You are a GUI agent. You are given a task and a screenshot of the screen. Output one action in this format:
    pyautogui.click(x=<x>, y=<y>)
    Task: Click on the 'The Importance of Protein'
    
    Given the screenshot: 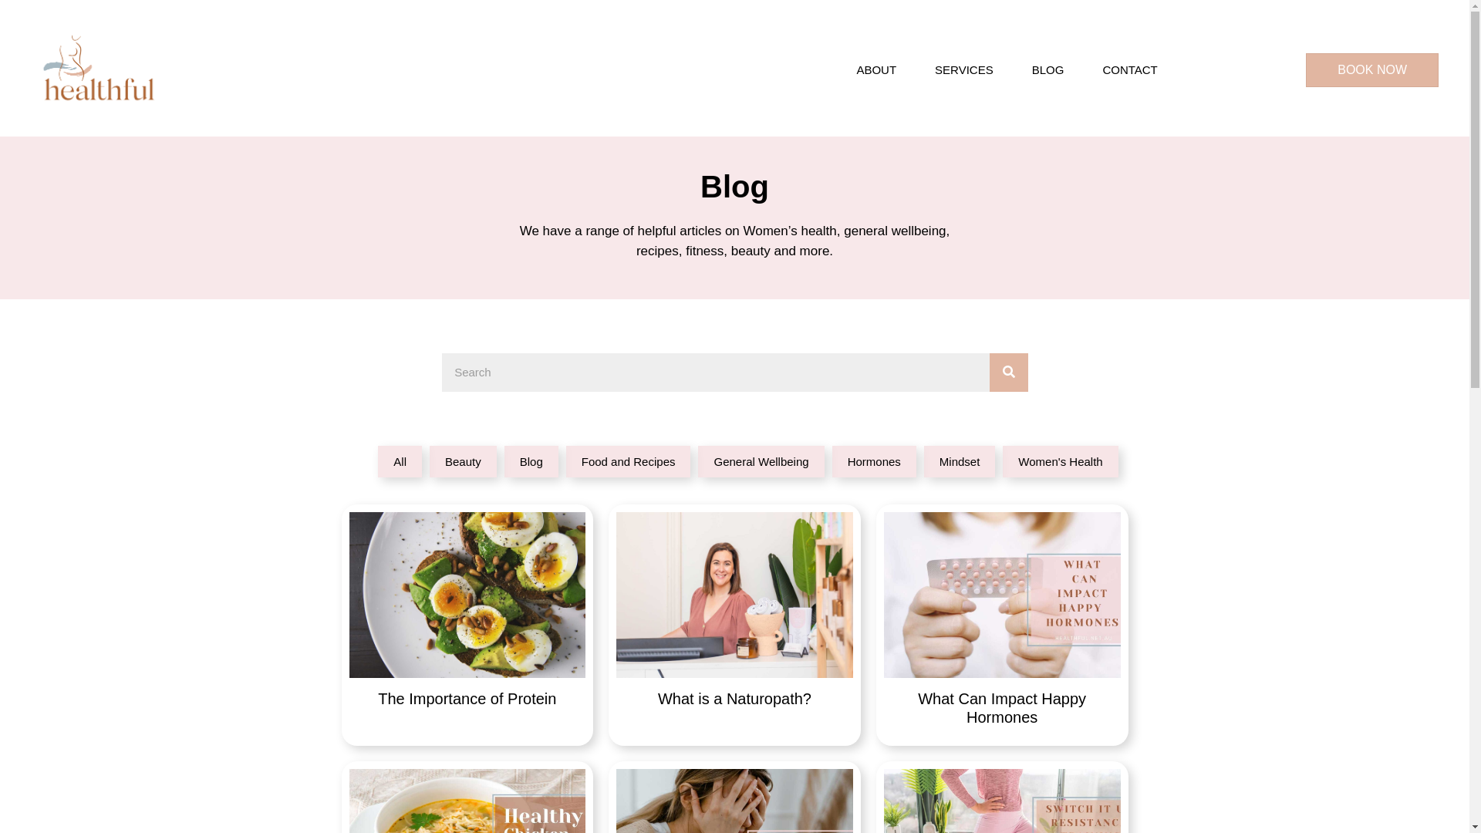 What is the action you would take?
    pyautogui.click(x=466, y=625)
    